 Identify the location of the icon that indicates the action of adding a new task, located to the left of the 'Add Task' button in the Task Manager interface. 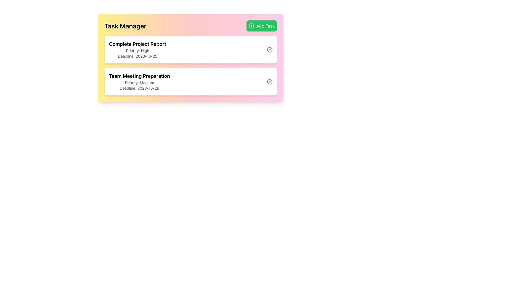
(251, 26).